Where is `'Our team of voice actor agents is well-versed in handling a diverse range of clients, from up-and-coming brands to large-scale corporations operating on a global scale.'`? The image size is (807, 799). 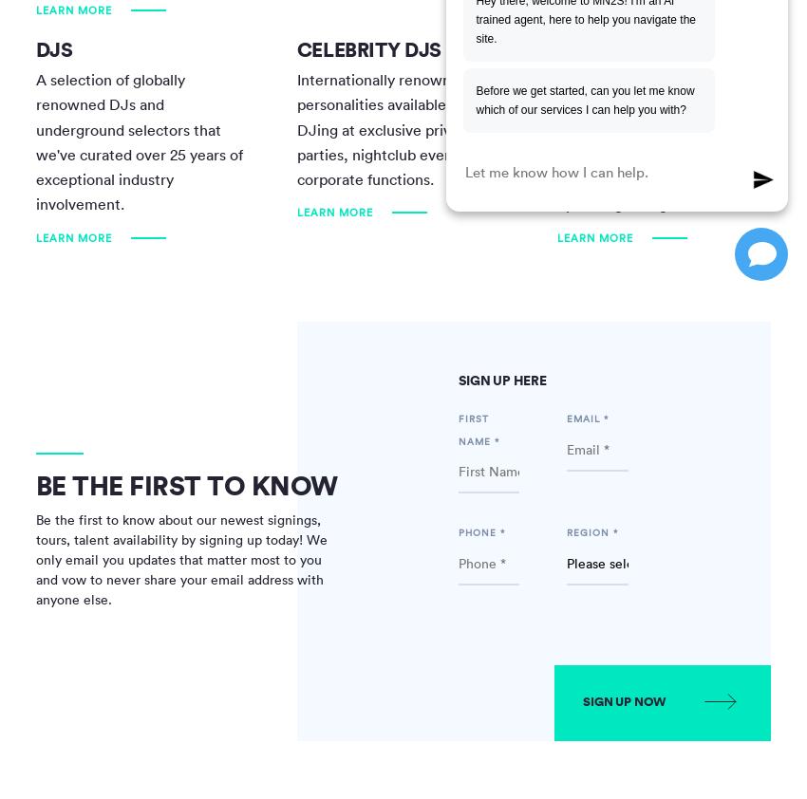 'Our team of voice actor agents is well-versed in handling a diverse range of clients, from up-and-coming brands to large-scale corporations operating on a global scale.' is located at coordinates (662, 140).